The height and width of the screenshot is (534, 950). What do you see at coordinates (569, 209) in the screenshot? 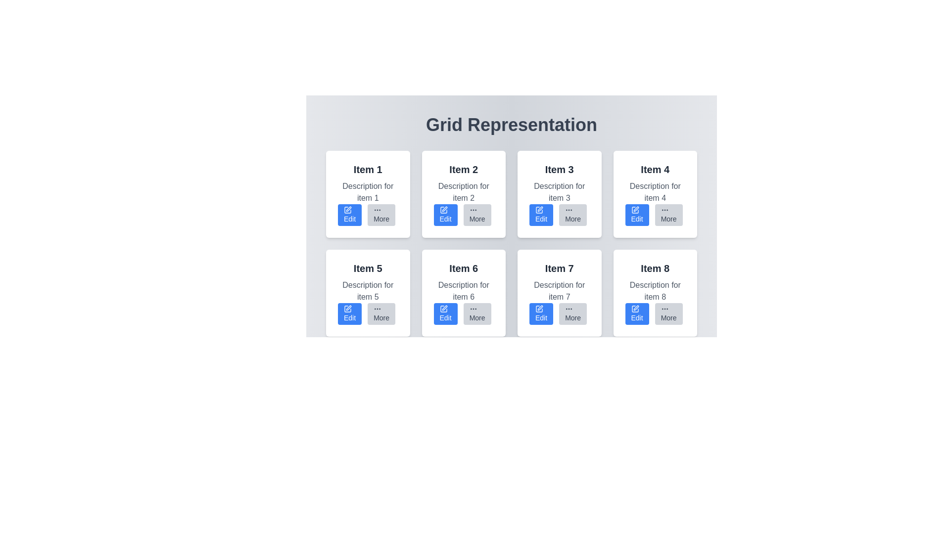
I see `the ellipsis icon of the 'More' button under the card labeled 'Item 3' in the grid layout to interact with additional options` at bounding box center [569, 209].